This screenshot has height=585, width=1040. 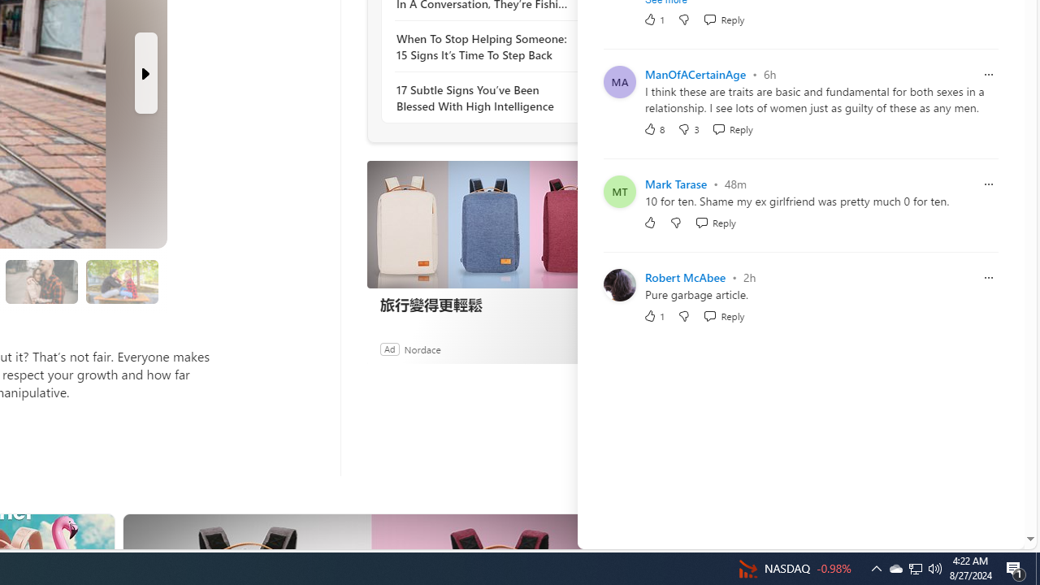 What do you see at coordinates (422, 348) in the screenshot?
I see `'Nordace'` at bounding box center [422, 348].